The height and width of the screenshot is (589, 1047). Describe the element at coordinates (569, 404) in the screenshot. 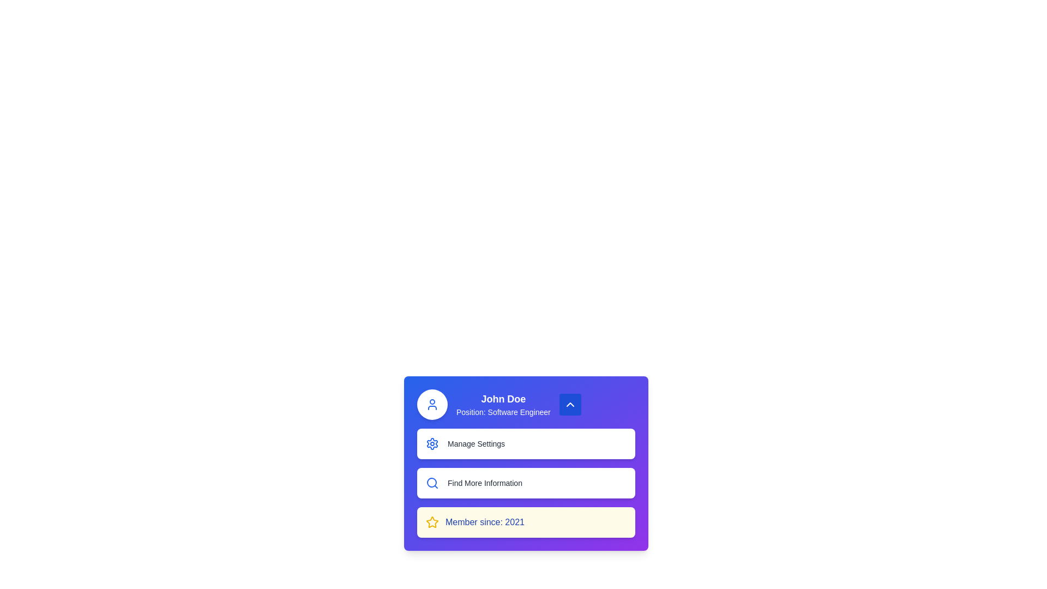

I see `the chevron-up icon located at the top-right corner of the user profile card` at that location.